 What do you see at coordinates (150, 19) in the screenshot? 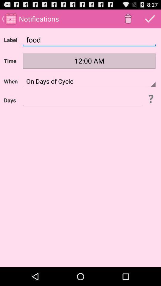
I see `tick or done button which is after delete button on page` at bounding box center [150, 19].